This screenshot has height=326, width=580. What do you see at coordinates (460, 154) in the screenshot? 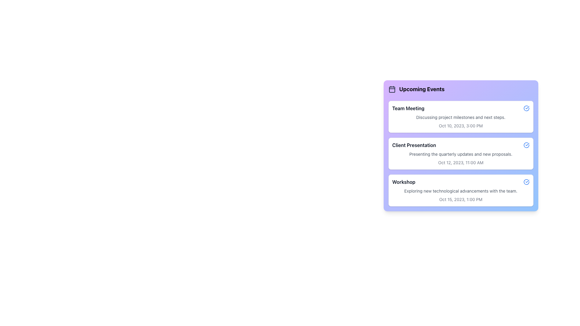
I see `the text label stating 'Presenting the quarterly updates and new proposals.' located below the 'Client Presentation' title in the 'Upcoming Events' section` at bounding box center [460, 154].